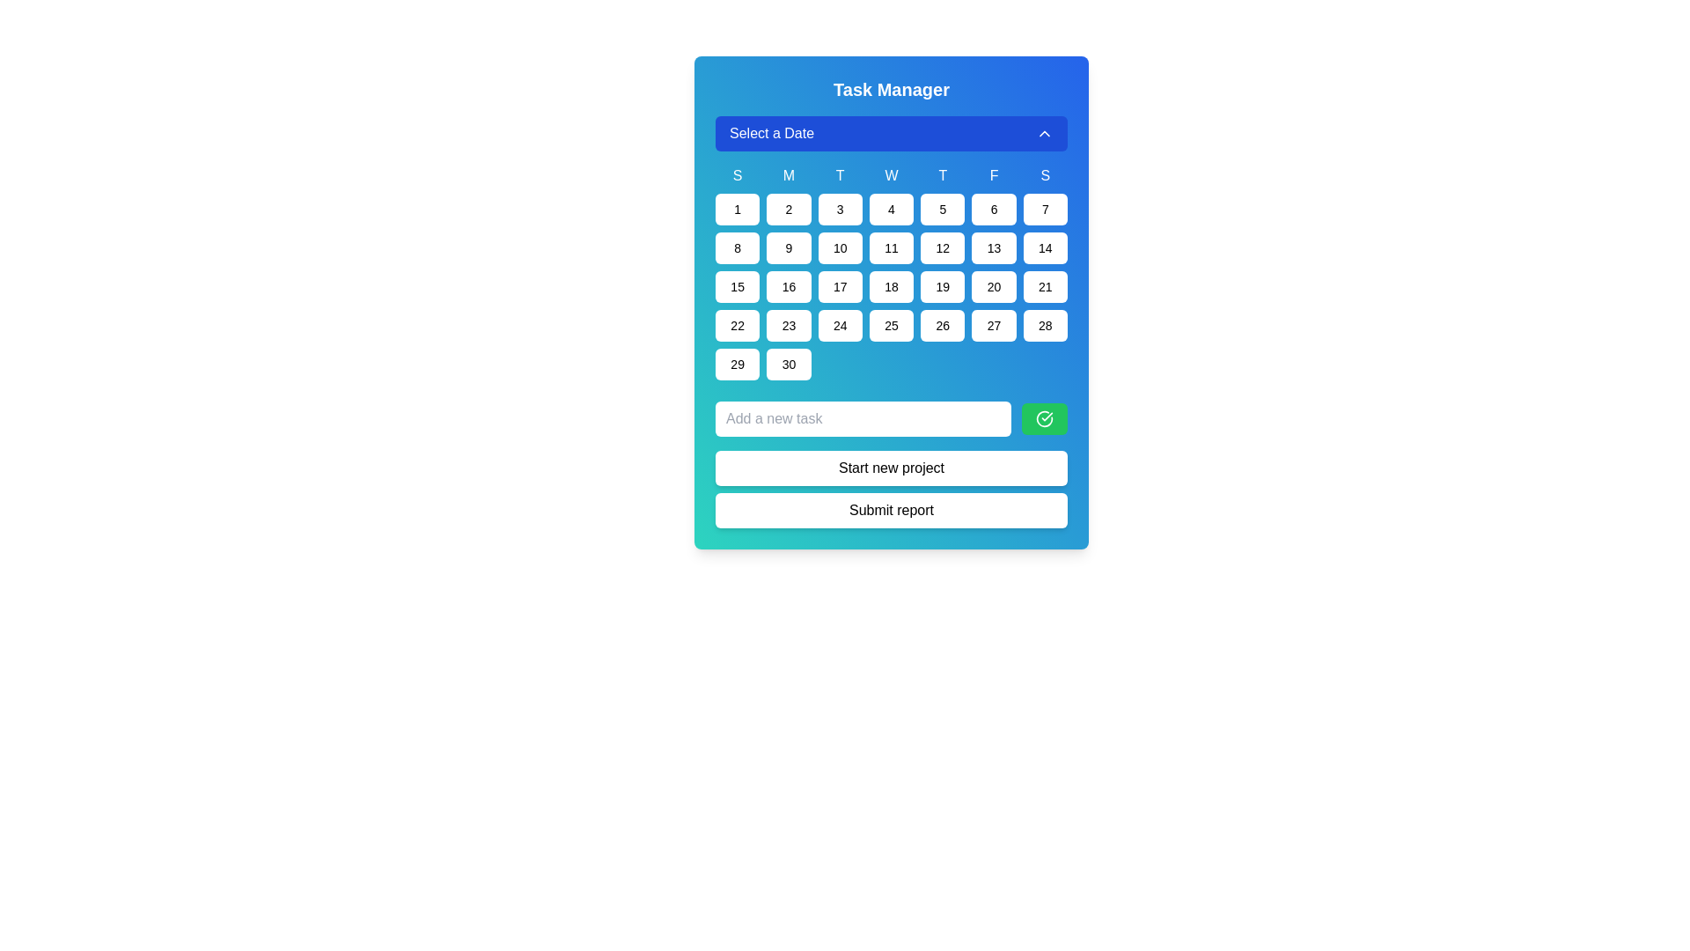 This screenshot has width=1690, height=951. I want to click on the confirm button located to the right of the 'Add a new task' input field to trigger hover effects, so click(1044, 418).